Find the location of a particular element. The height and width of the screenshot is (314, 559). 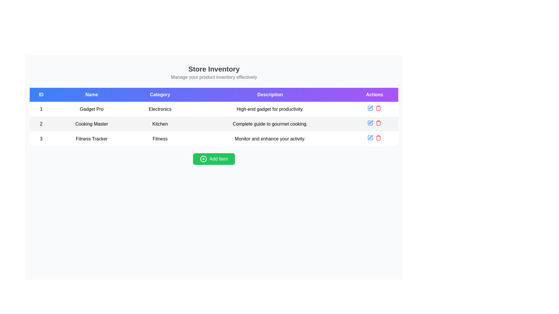

the first row of the Store Inventory table, which contains the text '1', 'Gadget Pro', 'Electronics', and 'High-end gadget for productivity.' is located at coordinates (213, 109).